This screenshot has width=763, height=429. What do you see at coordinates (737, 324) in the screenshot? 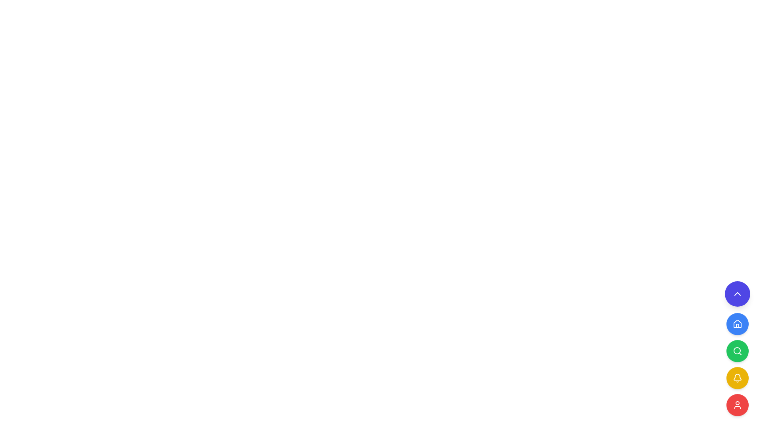
I see `the circular blue button with a house icon in the center, which is the second button in a vertical stack on the right side of the interface` at bounding box center [737, 324].